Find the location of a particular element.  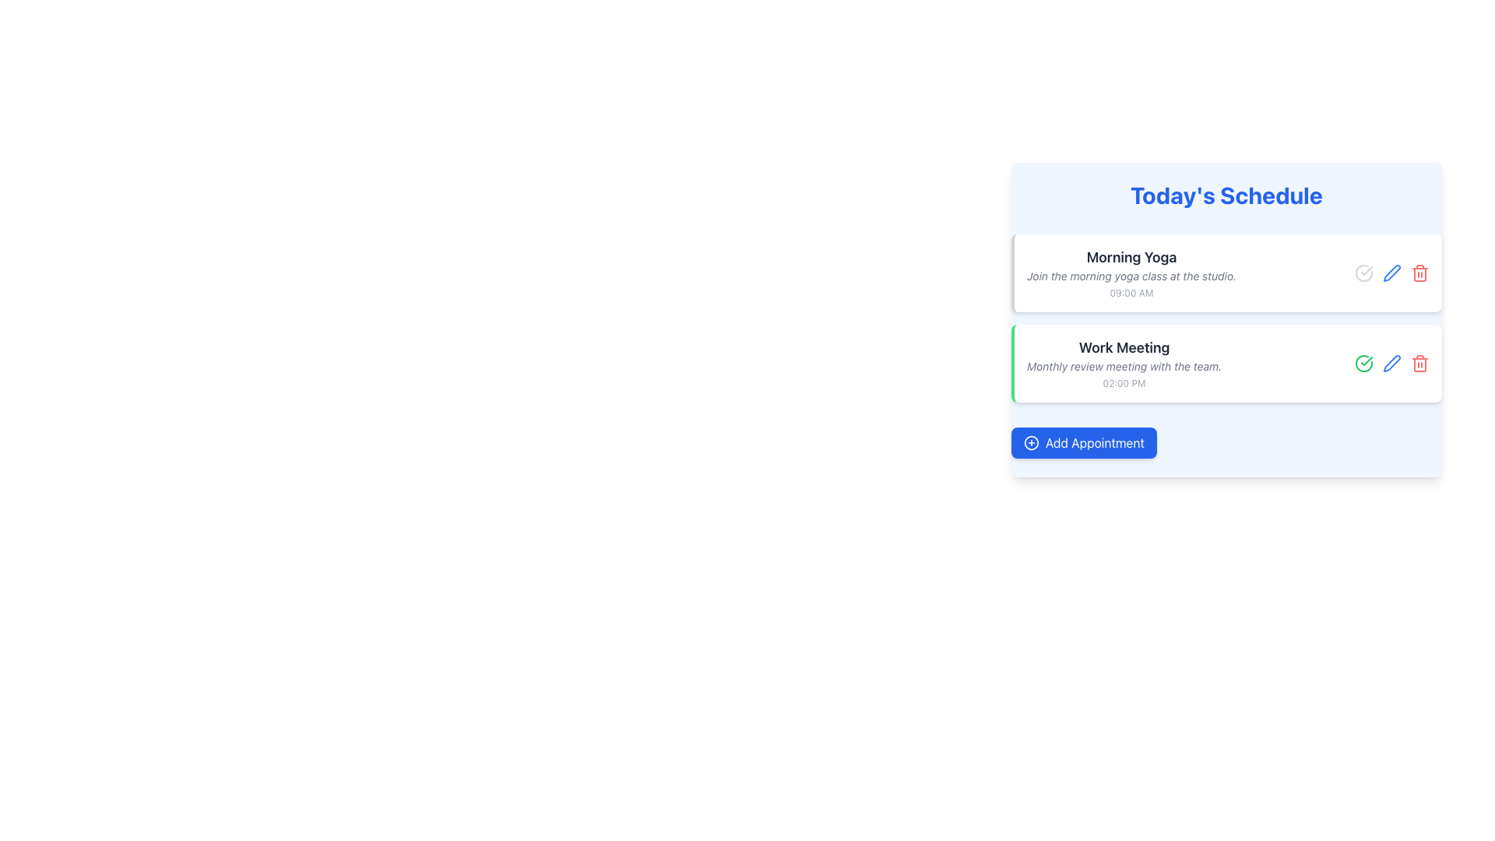

the circular icon with a '+' symbol located in the lower-right portion of the 'Today's Schedule' card section is located at coordinates (1031, 443).